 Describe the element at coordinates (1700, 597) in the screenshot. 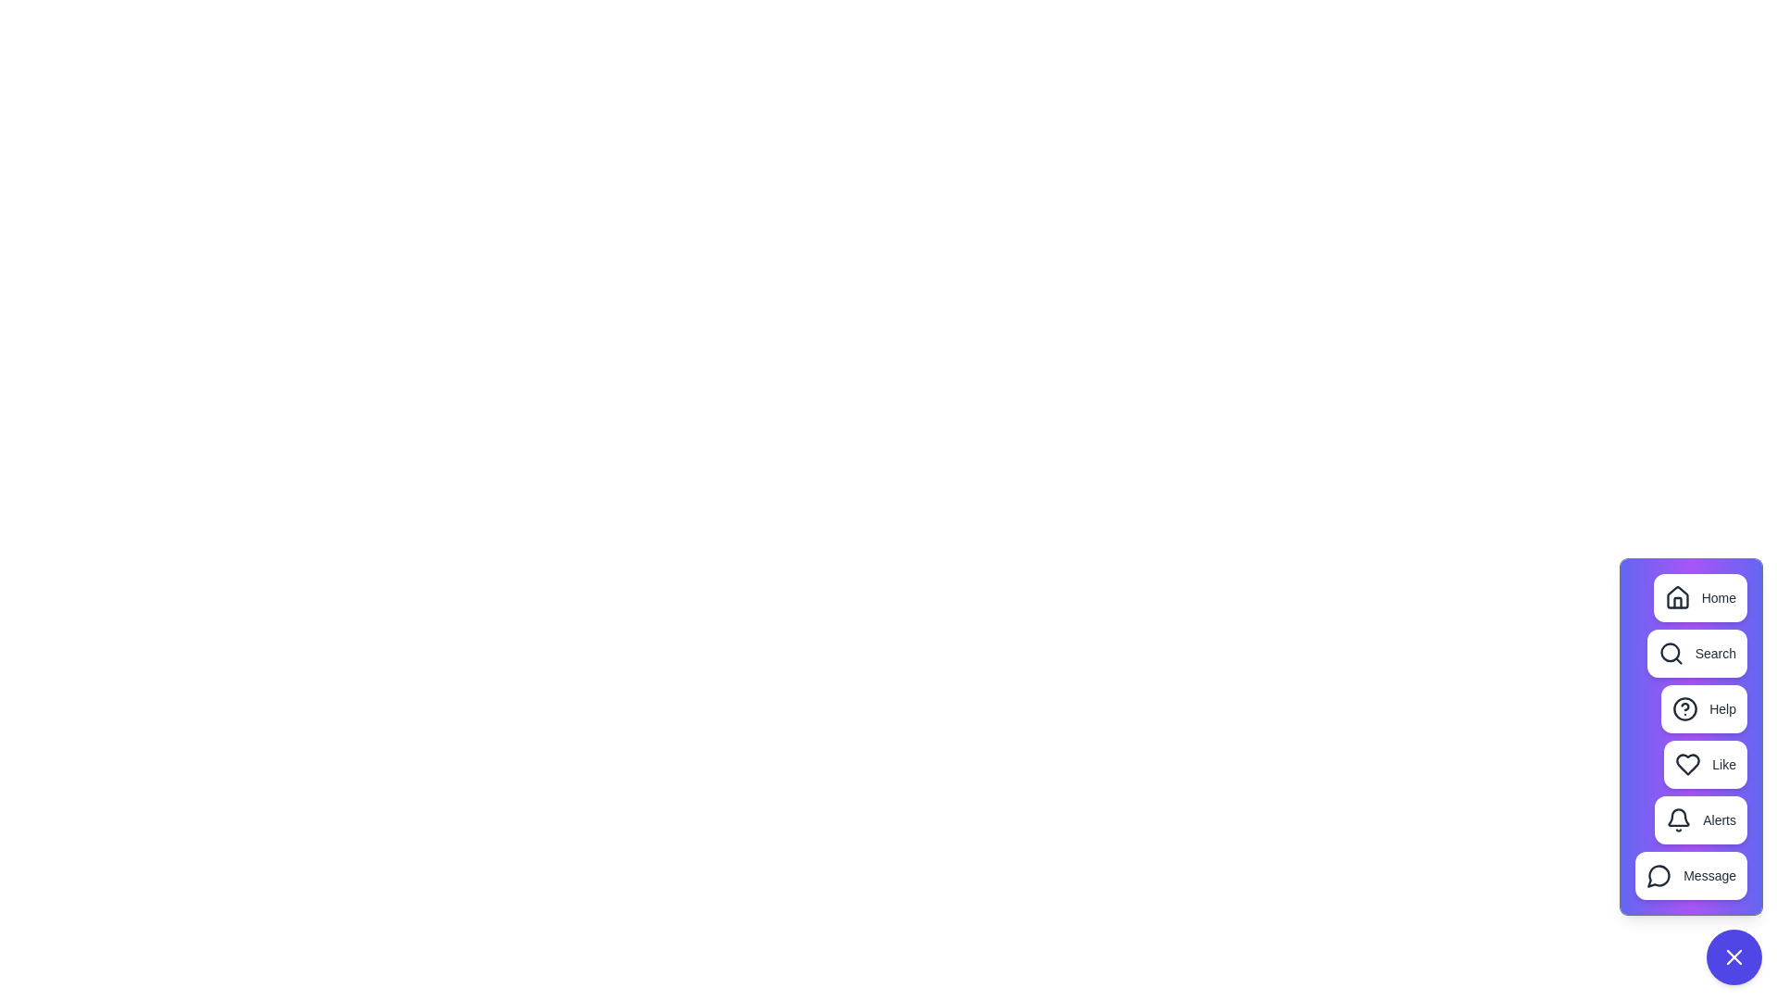

I see `the 'Home' button to trigger its associated action` at that location.